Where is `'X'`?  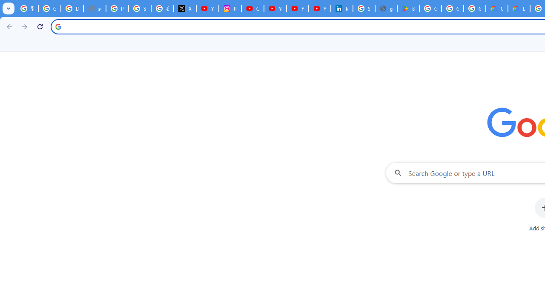
'X' is located at coordinates (184, 8).